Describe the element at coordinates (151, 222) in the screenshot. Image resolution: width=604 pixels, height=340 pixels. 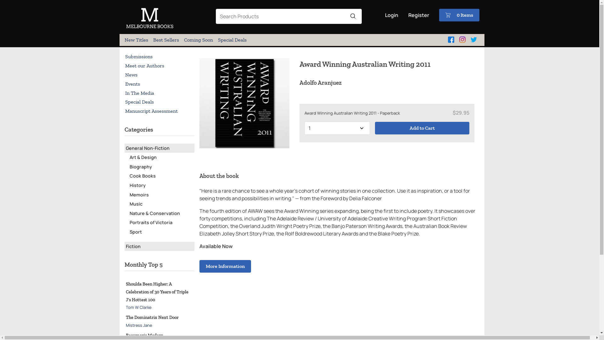
I see `'Portraits of Victoria'` at that location.